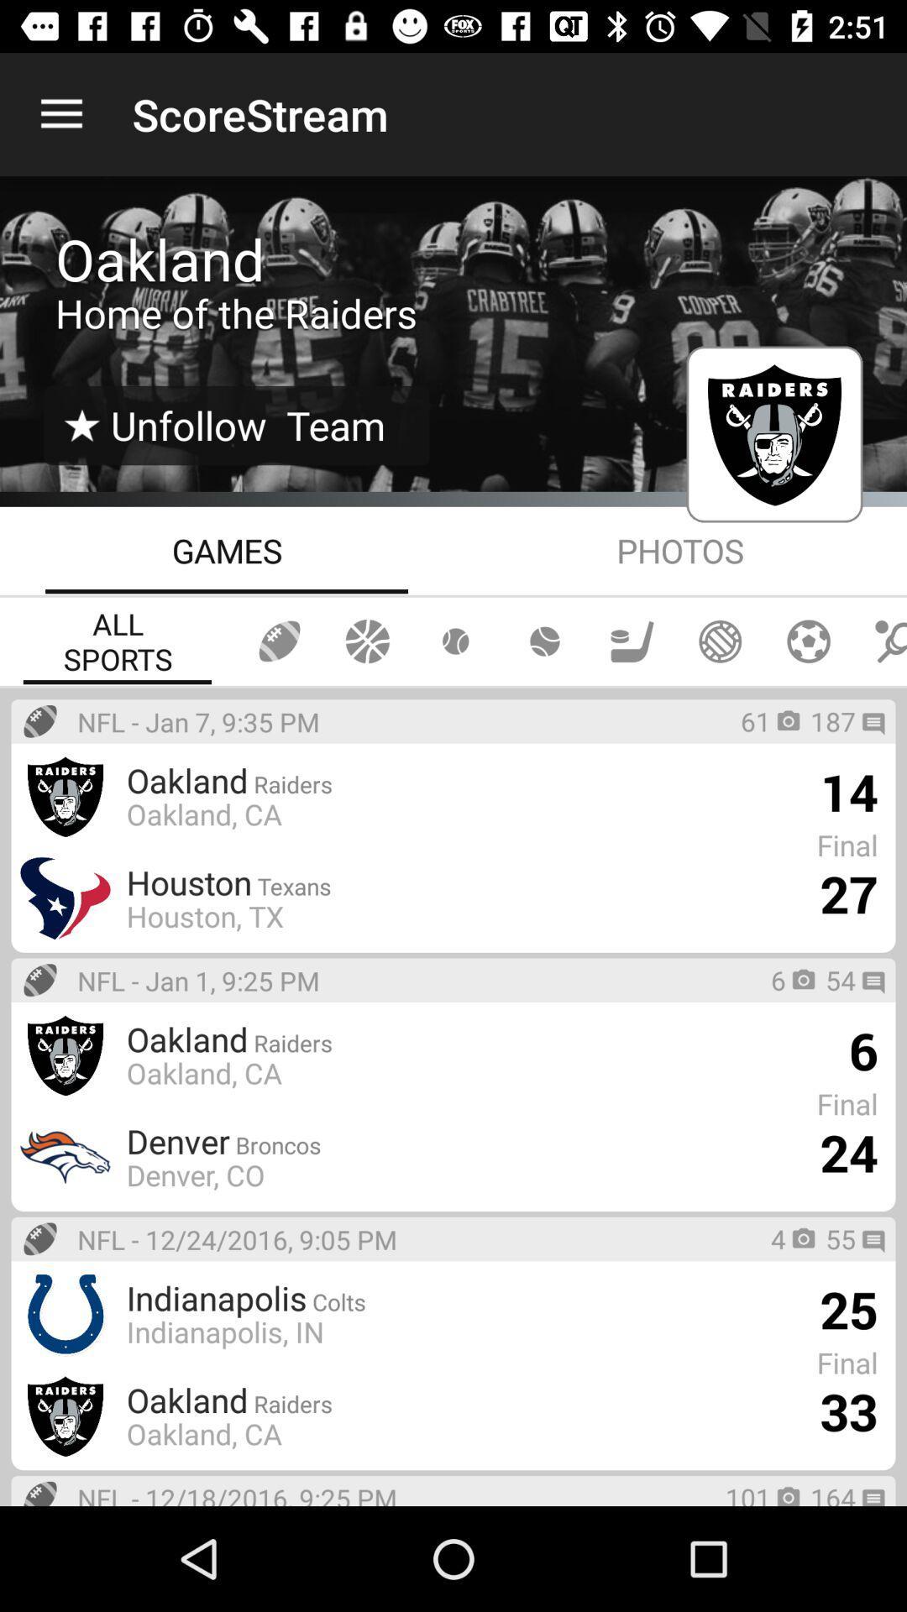 Image resolution: width=907 pixels, height=1612 pixels. I want to click on icon below 14, so click(848, 892).